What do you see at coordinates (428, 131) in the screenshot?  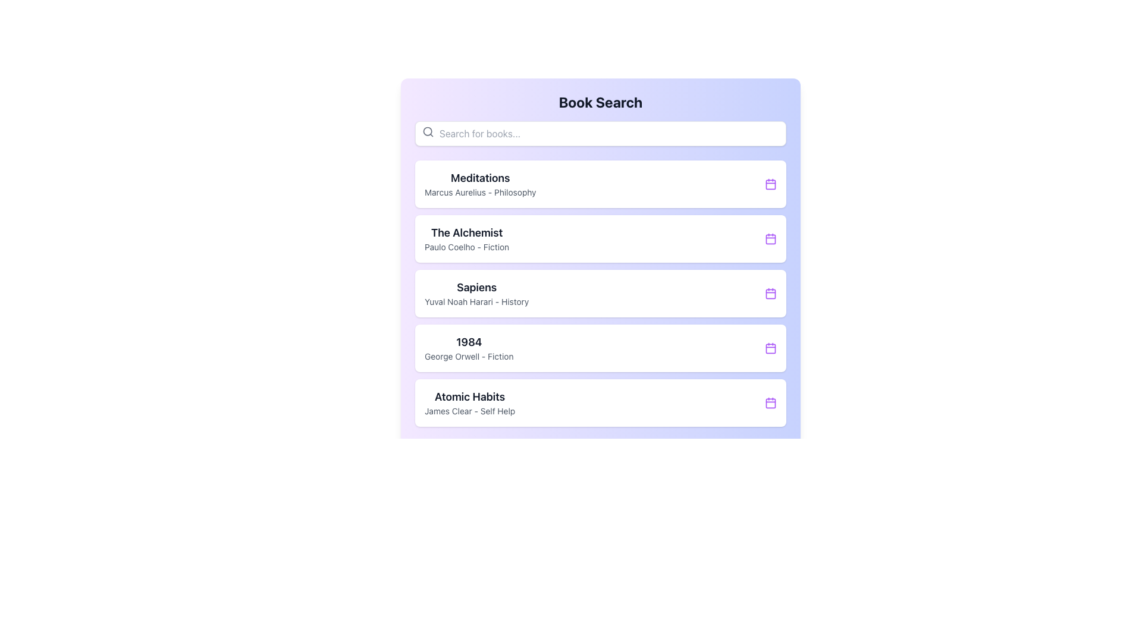 I see `the small circle within the search icon located at the top-left of the search bar component, which is part of the magnifying glass depiction` at bounding box center [428, 131].